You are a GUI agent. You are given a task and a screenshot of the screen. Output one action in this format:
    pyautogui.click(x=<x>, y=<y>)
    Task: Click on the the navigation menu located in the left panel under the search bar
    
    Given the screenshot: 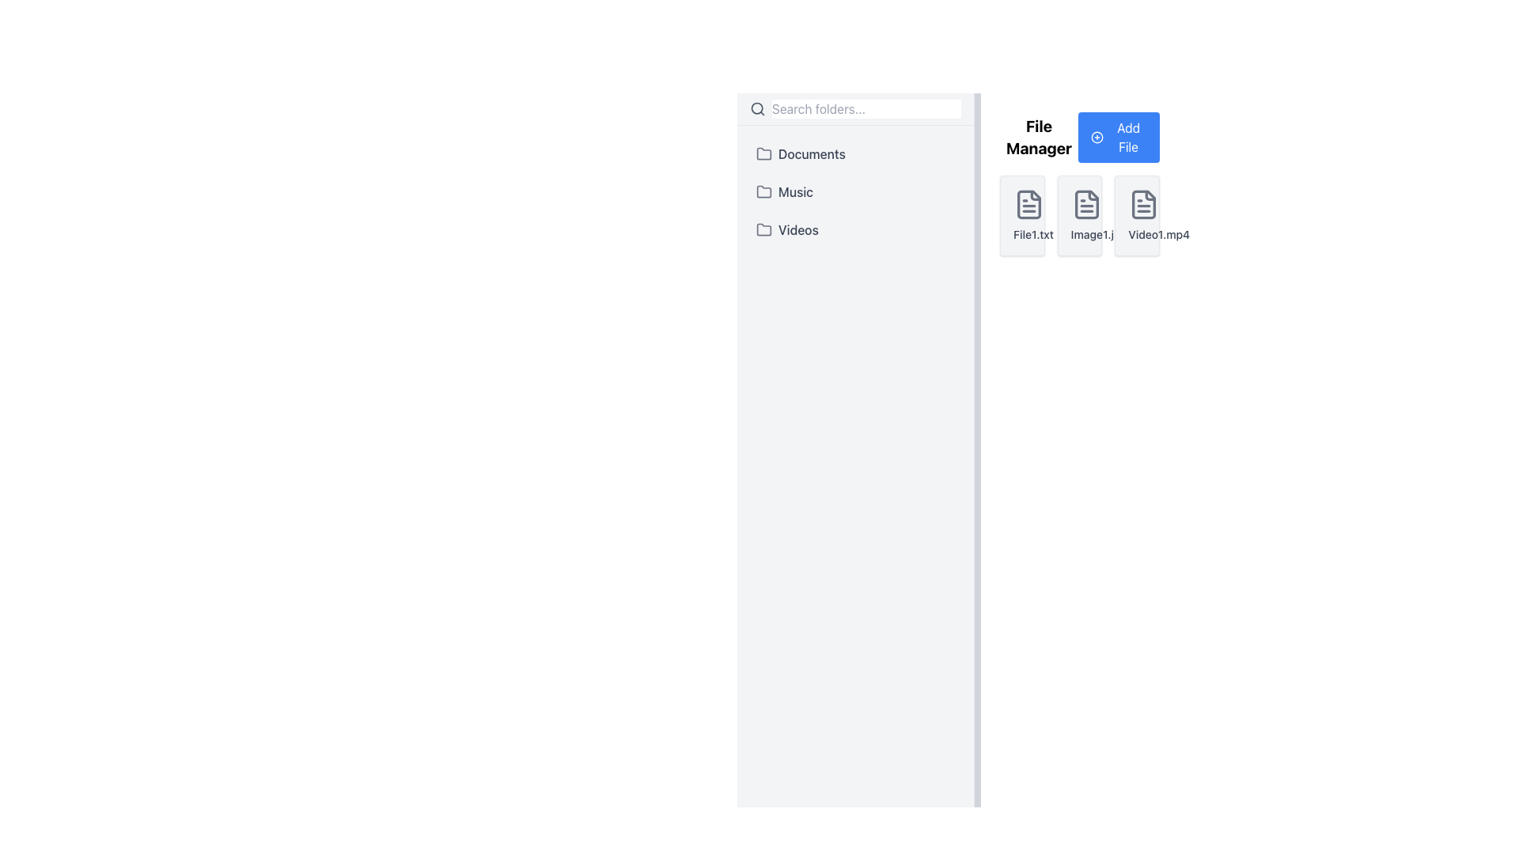 What is the action you would take?
    pyautogui.click(x=854, y=191)
    